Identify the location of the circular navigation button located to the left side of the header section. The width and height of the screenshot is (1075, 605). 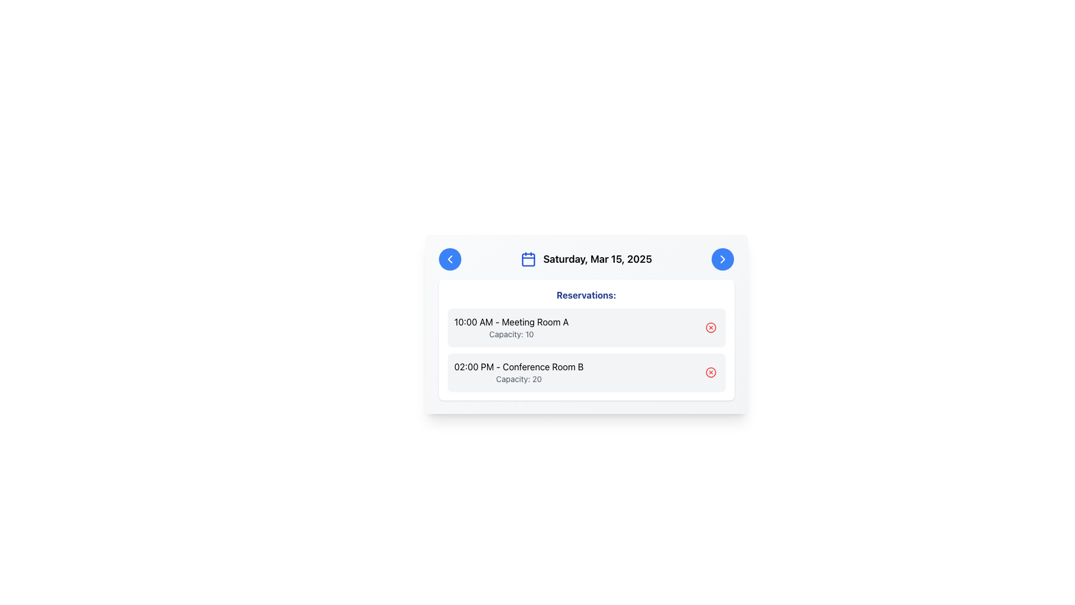
(450, 259).